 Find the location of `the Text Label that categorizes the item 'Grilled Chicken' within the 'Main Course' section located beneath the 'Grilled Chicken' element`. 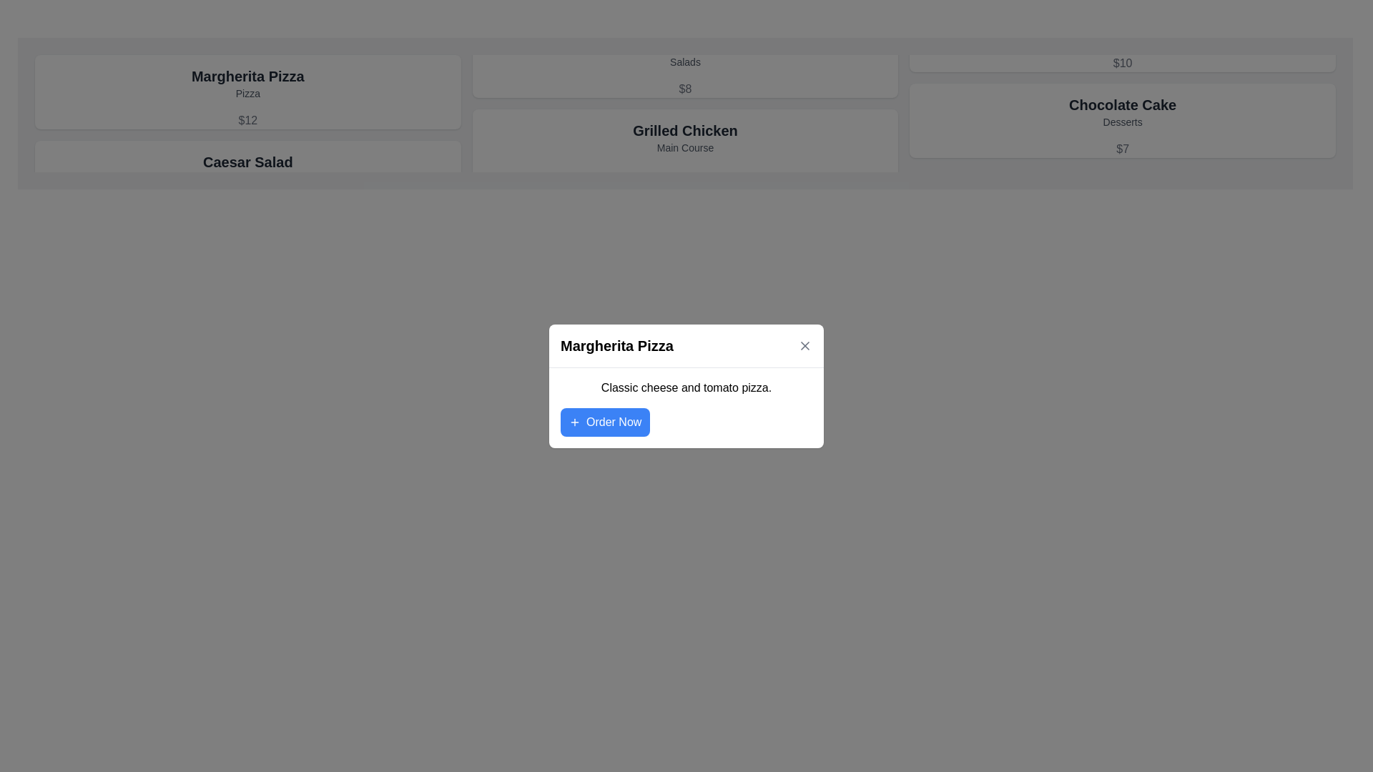

the Text Label that categorizes the item 'Grilled Chicken' within the 'Main Course' section located beneath the 'Grilled Chicken' element is located at coordinates (684, 148).